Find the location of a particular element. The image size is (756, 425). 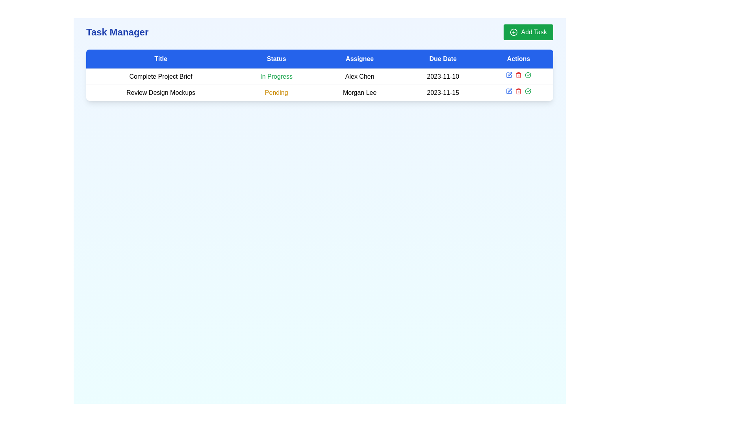

the text label 'Morgan Lee' located in the 'Assignee' column of a blue-highlighted header table is located at coordinates (359, 92).